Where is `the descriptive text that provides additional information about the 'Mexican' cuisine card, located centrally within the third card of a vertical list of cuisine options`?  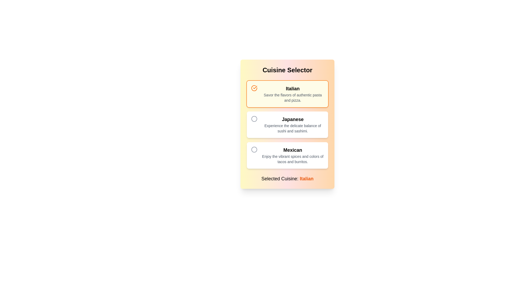
the descriptive text that provides additional information about the 'Mexican' cuisine card, located centrally within the third card of a vertical list of cuisine options is located at coordinates (292, 159).